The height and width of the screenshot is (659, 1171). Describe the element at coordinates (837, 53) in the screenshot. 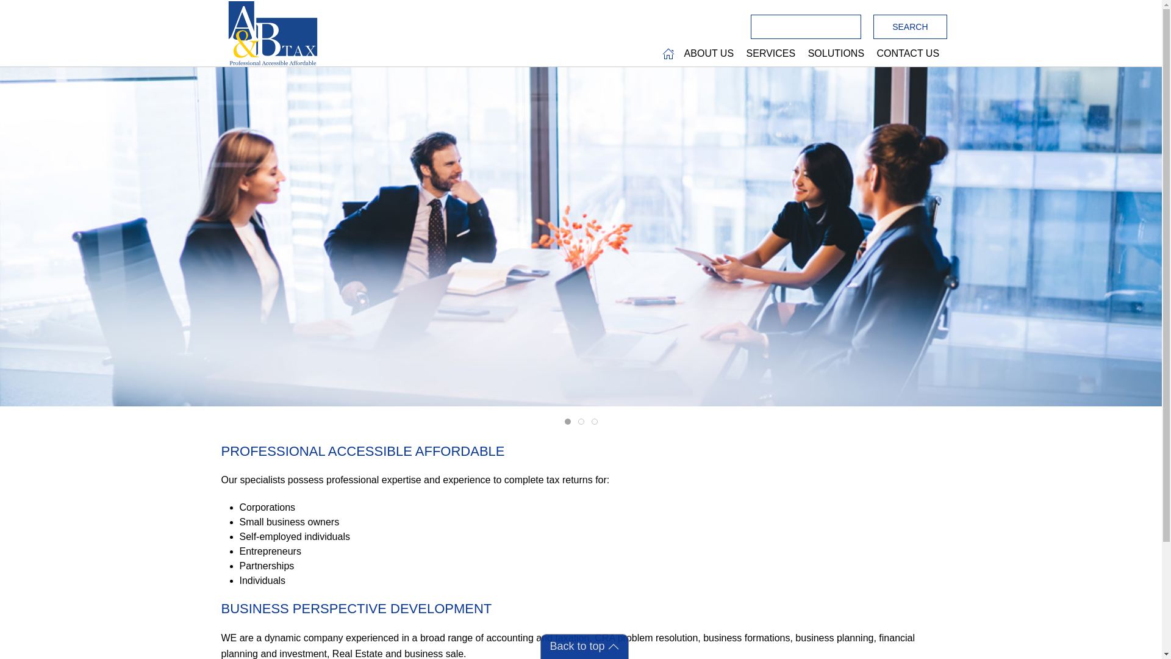

I see `'SOLUTIONS '` at that location.